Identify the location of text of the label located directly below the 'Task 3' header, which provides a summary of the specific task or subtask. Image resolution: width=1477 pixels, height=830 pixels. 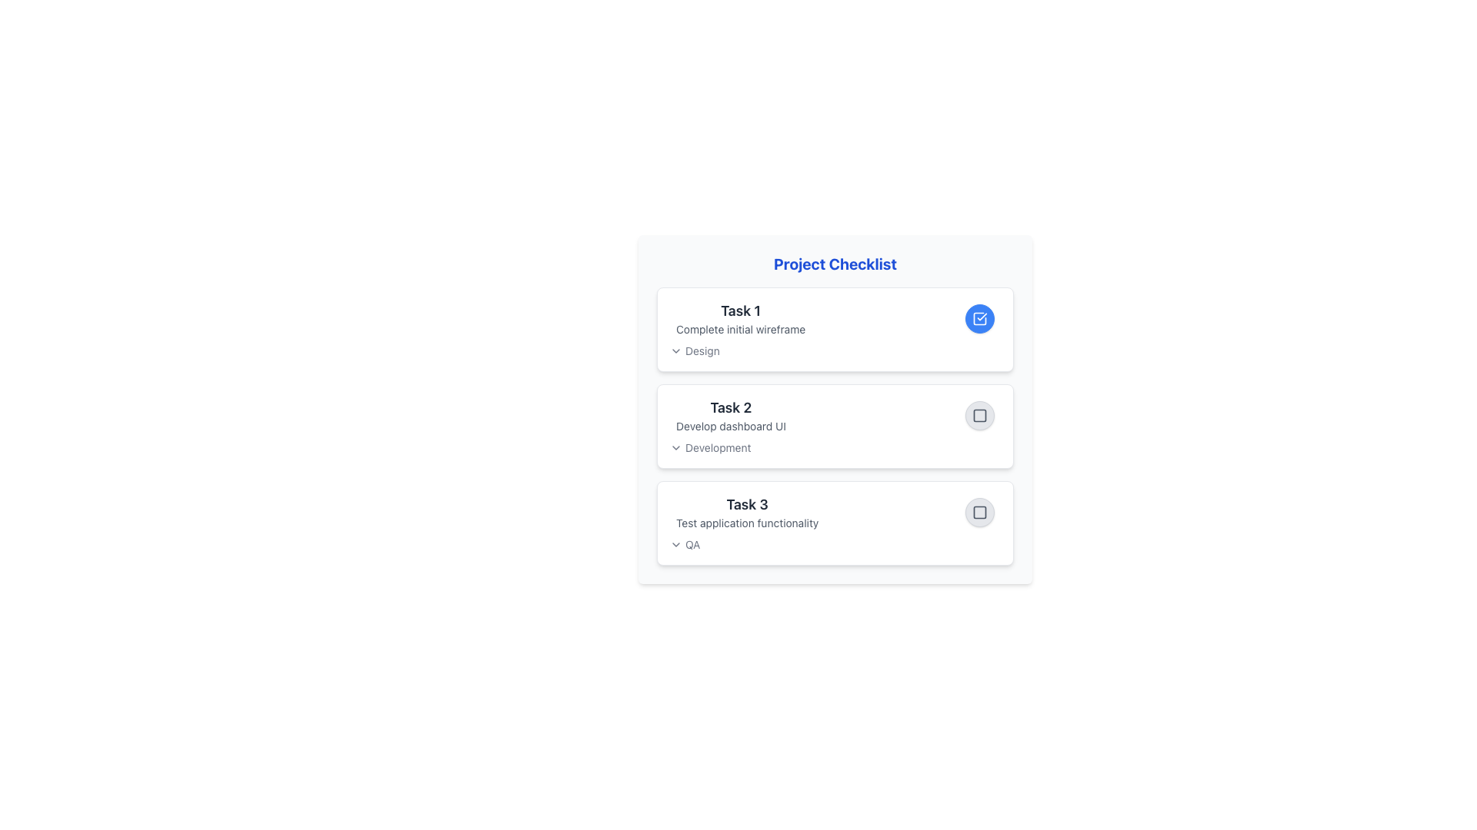
(747, 523).